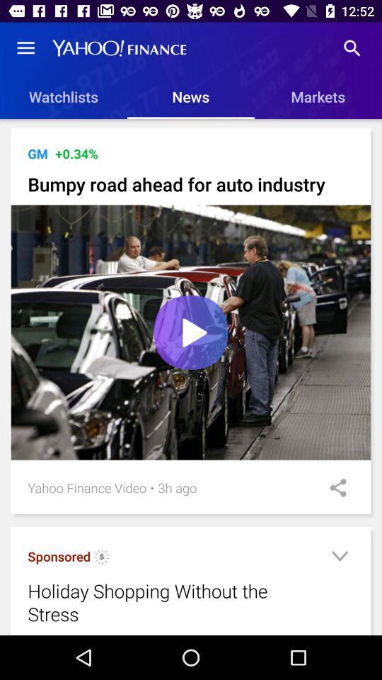 This screenshot has width=382, height=680. I want to click on icon next to 3h ago, so click(333, 487).